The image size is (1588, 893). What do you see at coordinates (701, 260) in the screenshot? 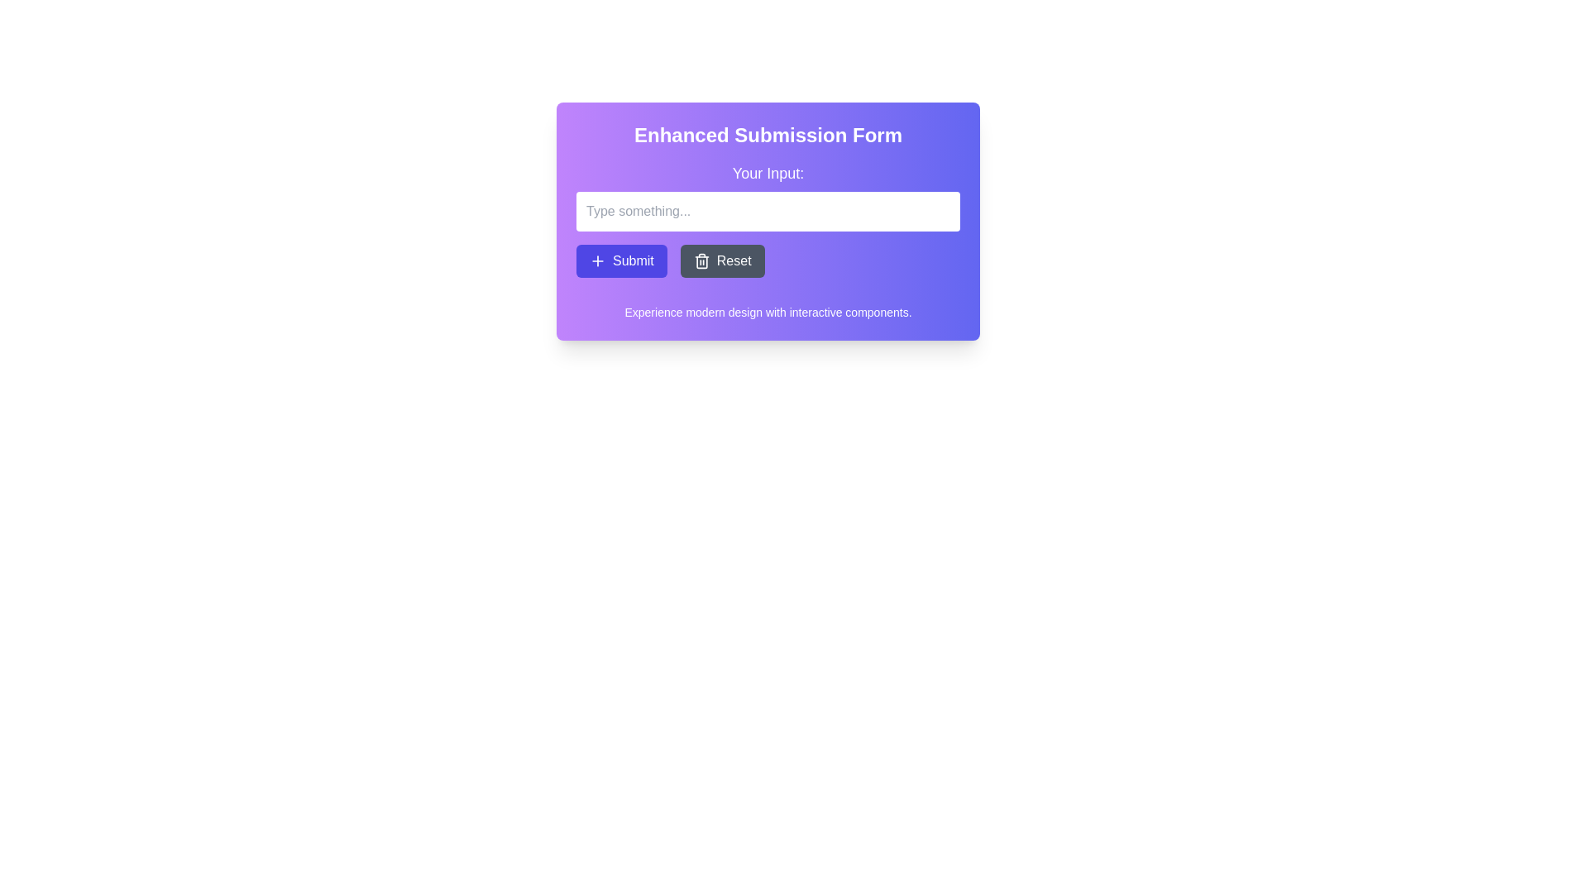
I see `the trash bin icon, which is outlined with rounded edges and located to the left of the 'Reset' text, to reset the form` at bounding box center [701, 260].